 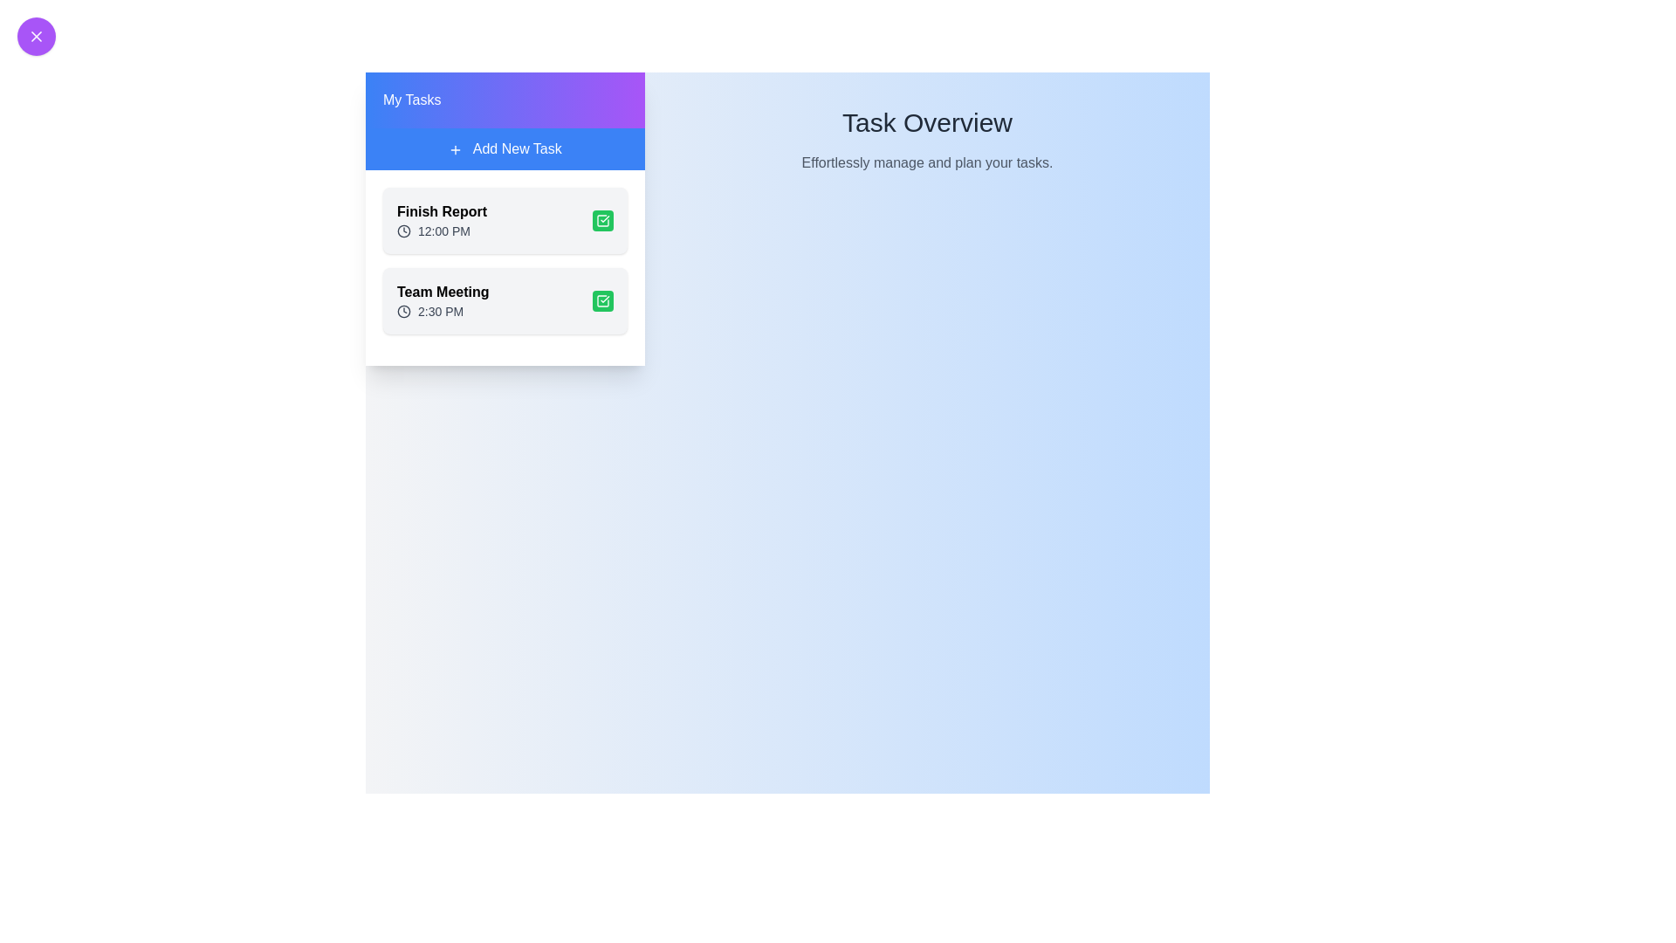 I want to click on the 'Task Overview' text to focus on it, so click(x=926, y=122).